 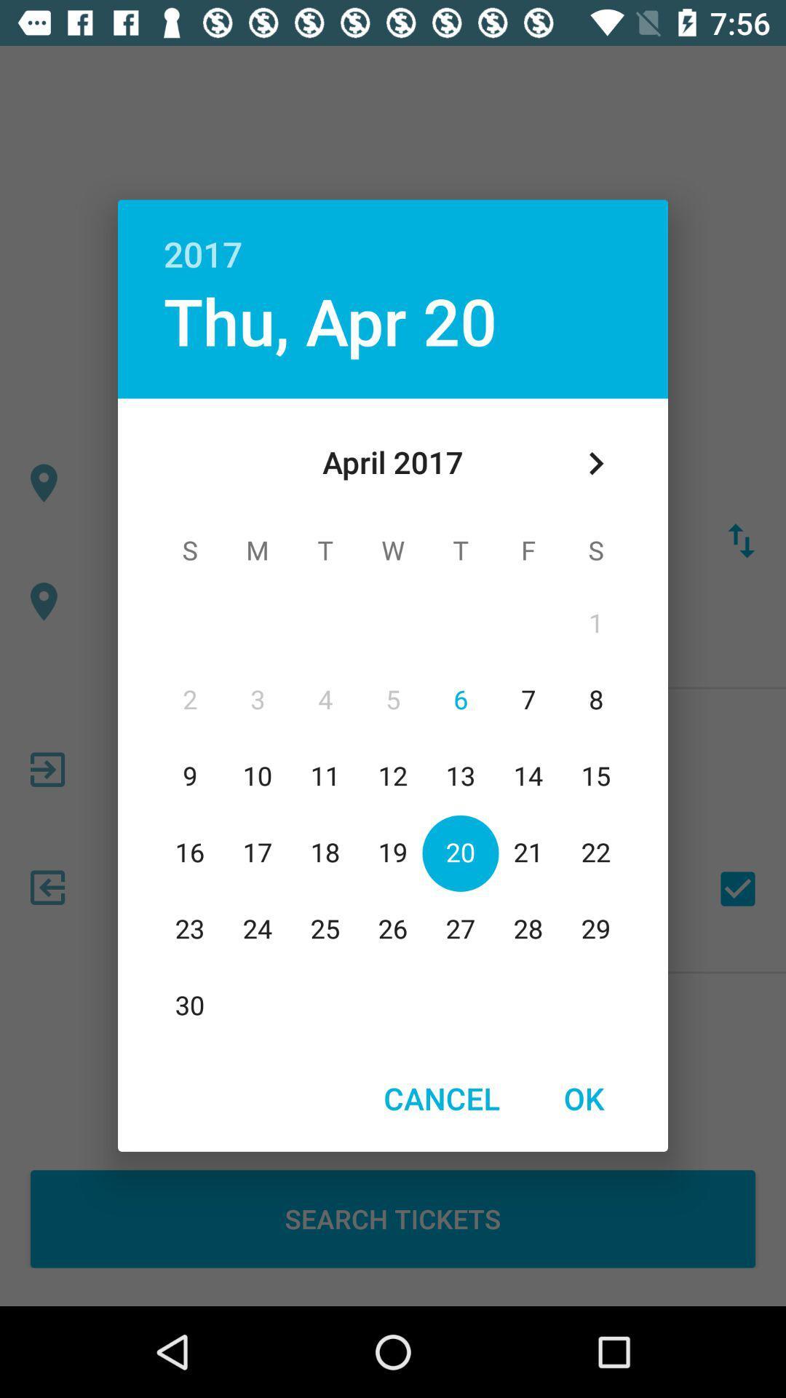 What do you see at coordinates (583, 1098) in the screenshot?
I see `icon to the right of cancel item` at bounding box center [583, 1098].